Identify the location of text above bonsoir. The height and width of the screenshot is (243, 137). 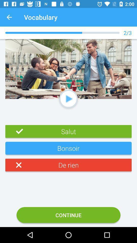
(68, 133).